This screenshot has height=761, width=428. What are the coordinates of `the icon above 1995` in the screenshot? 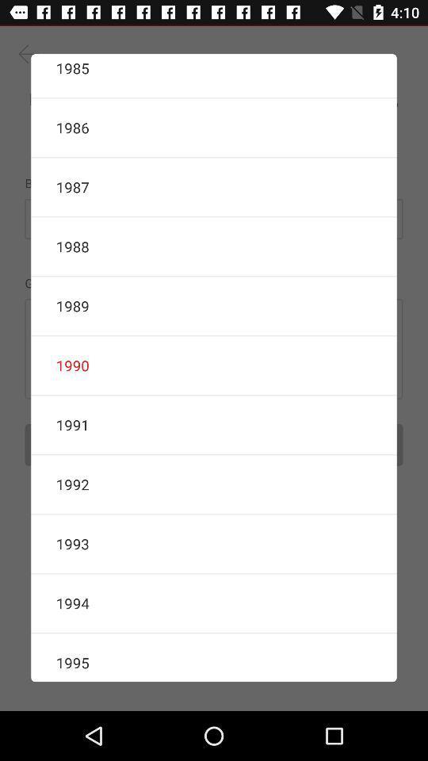 It's located at (214, 602).